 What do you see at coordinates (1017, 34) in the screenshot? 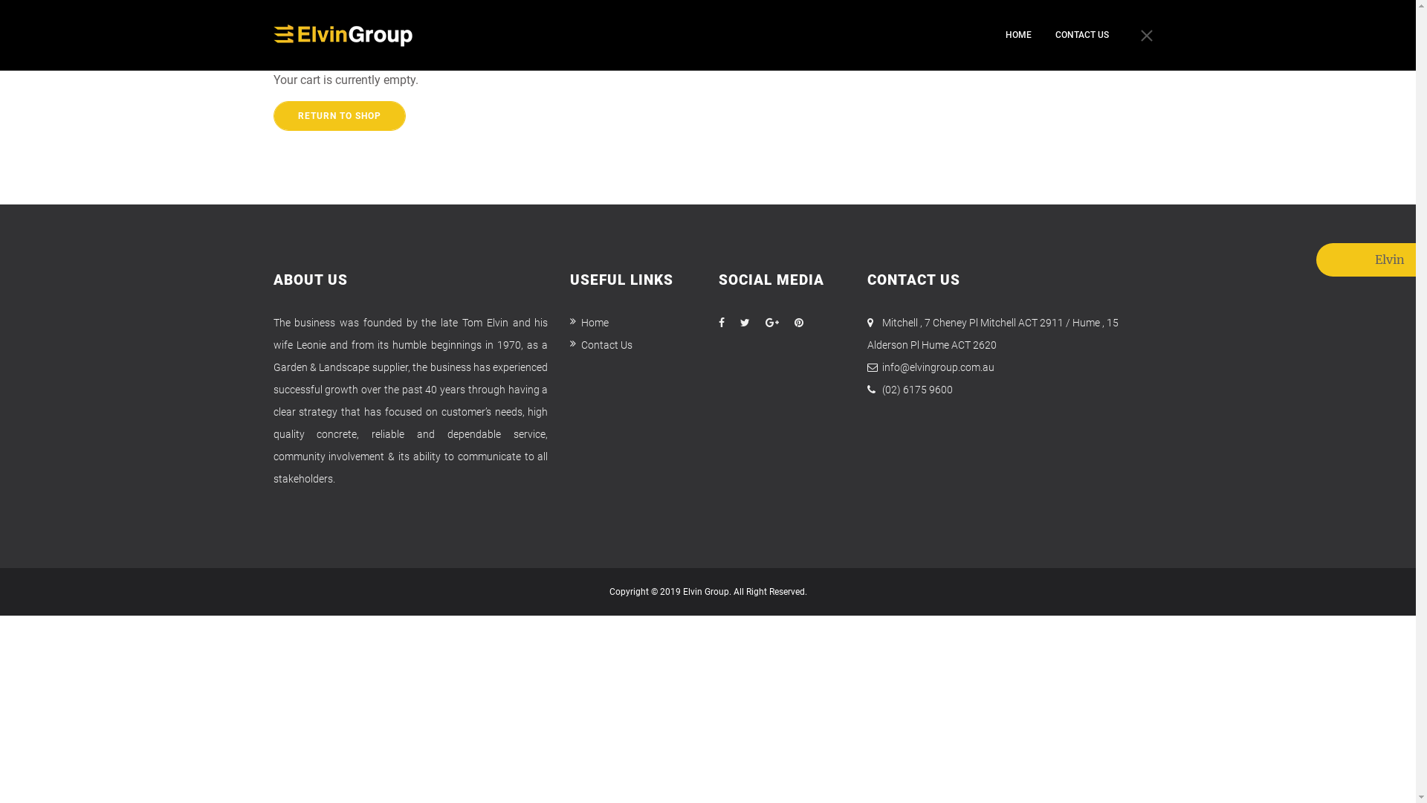
I see `'HOME'` at bounding box center [1017, 34].